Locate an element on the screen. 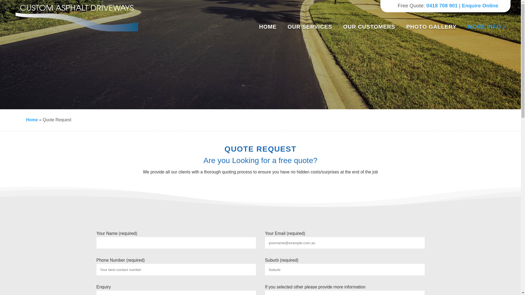  'HOME' is located at coordinates (270, 26).